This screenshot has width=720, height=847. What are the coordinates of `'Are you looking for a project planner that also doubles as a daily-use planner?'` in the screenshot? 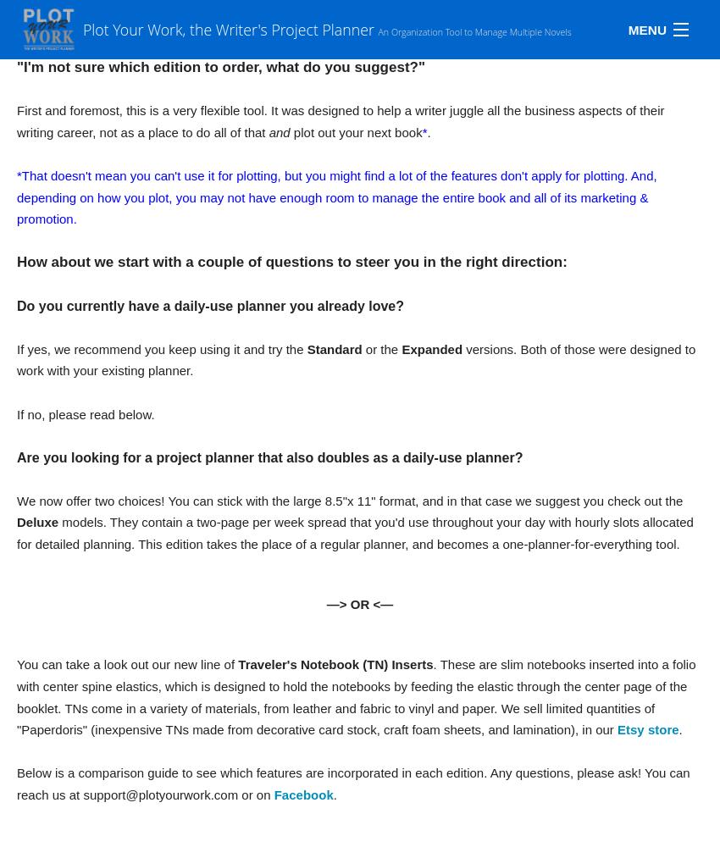 It's located at (269, 457).